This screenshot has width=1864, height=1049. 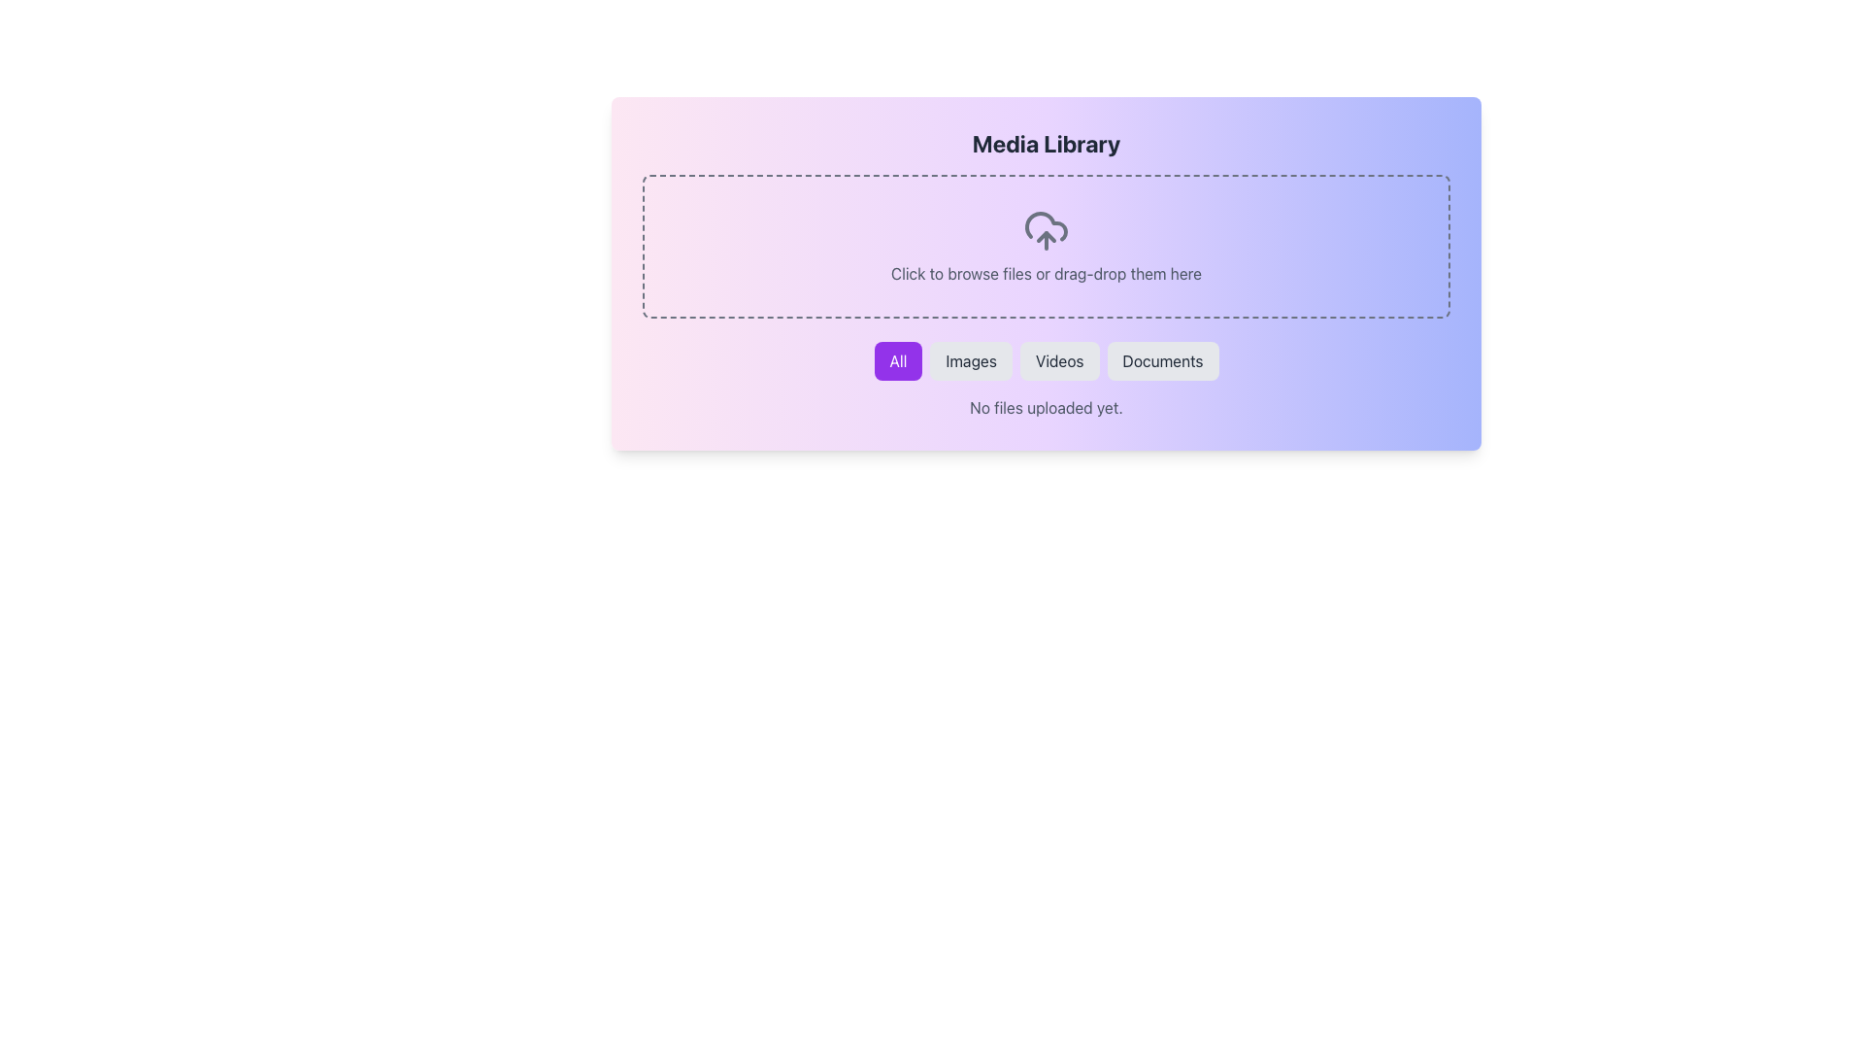 I want to click on the informational Text Label indicating that no files are currently uploaded in the Media Library, located beneath the tab buttons, so click(x=1046, y=407).